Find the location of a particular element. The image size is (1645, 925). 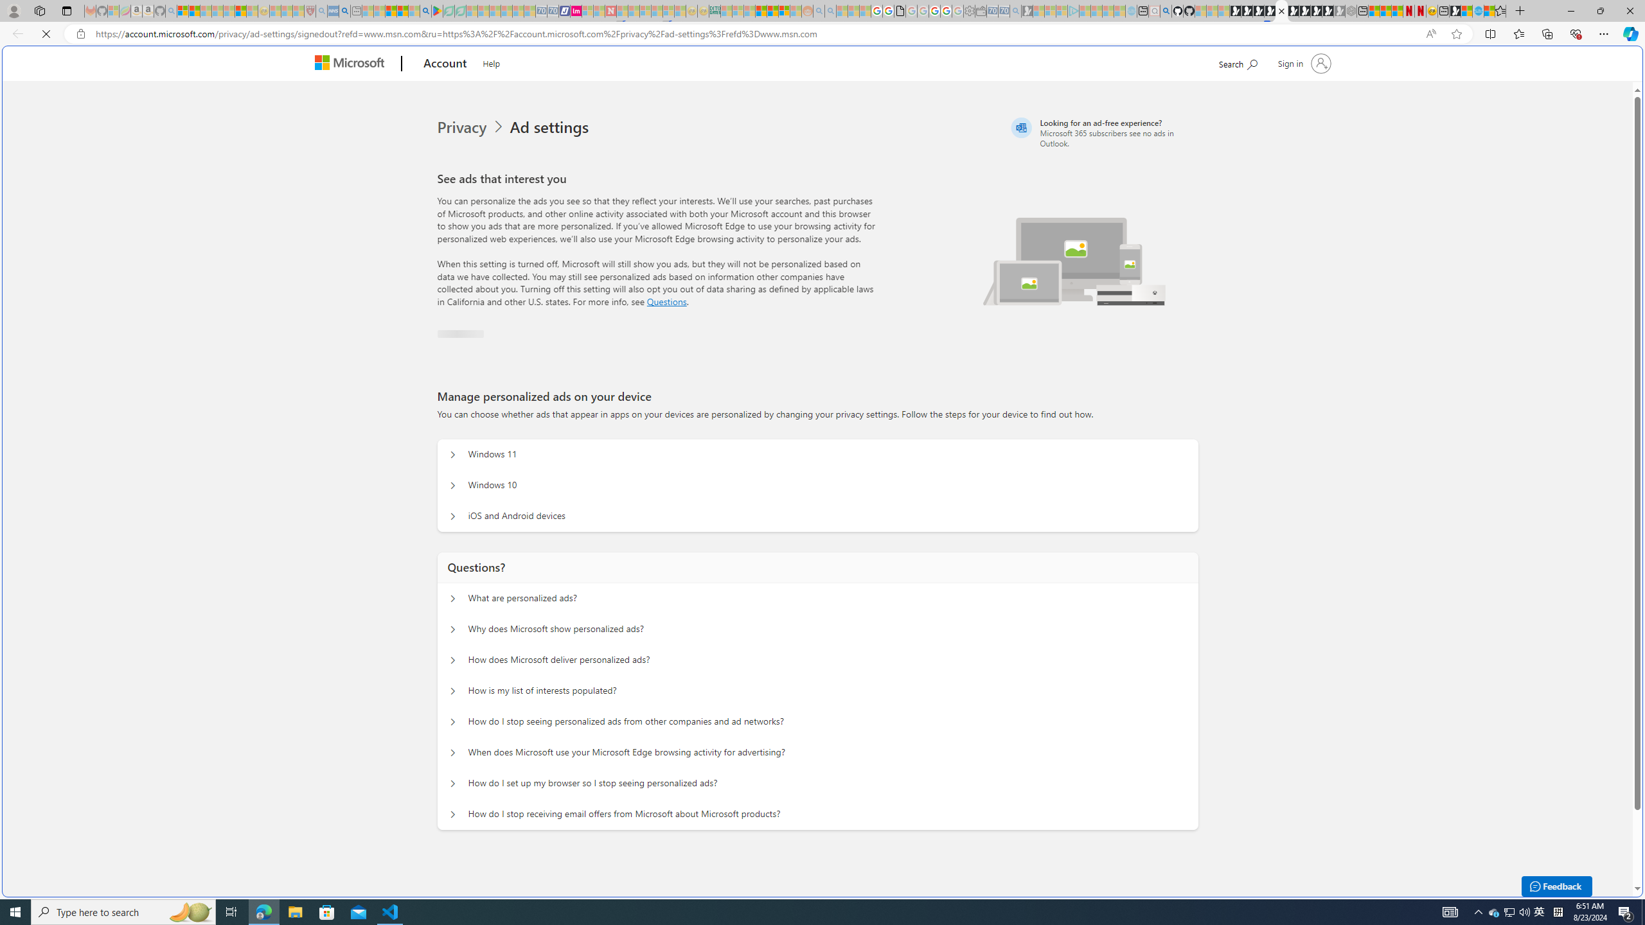

'google - Search' is located at coordinates (426, 10).